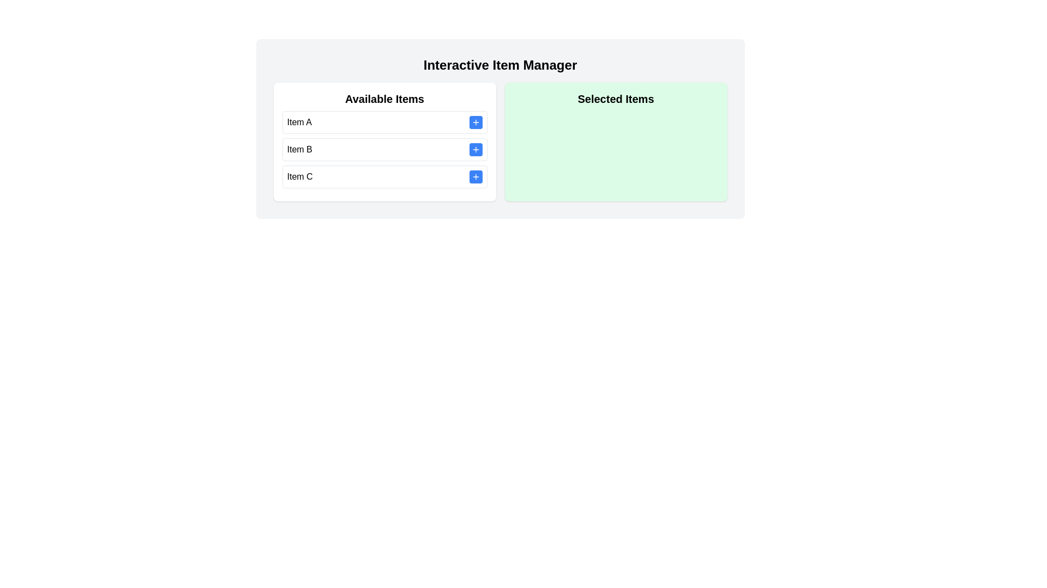  What do you see at coordinates (476, 149) in the screenshot?
I see `the SVG Icon that adds 'Item B' to the Selected Items list, located in the second row adjacent to the label 'Item B'` at bounding box center [476, 149].